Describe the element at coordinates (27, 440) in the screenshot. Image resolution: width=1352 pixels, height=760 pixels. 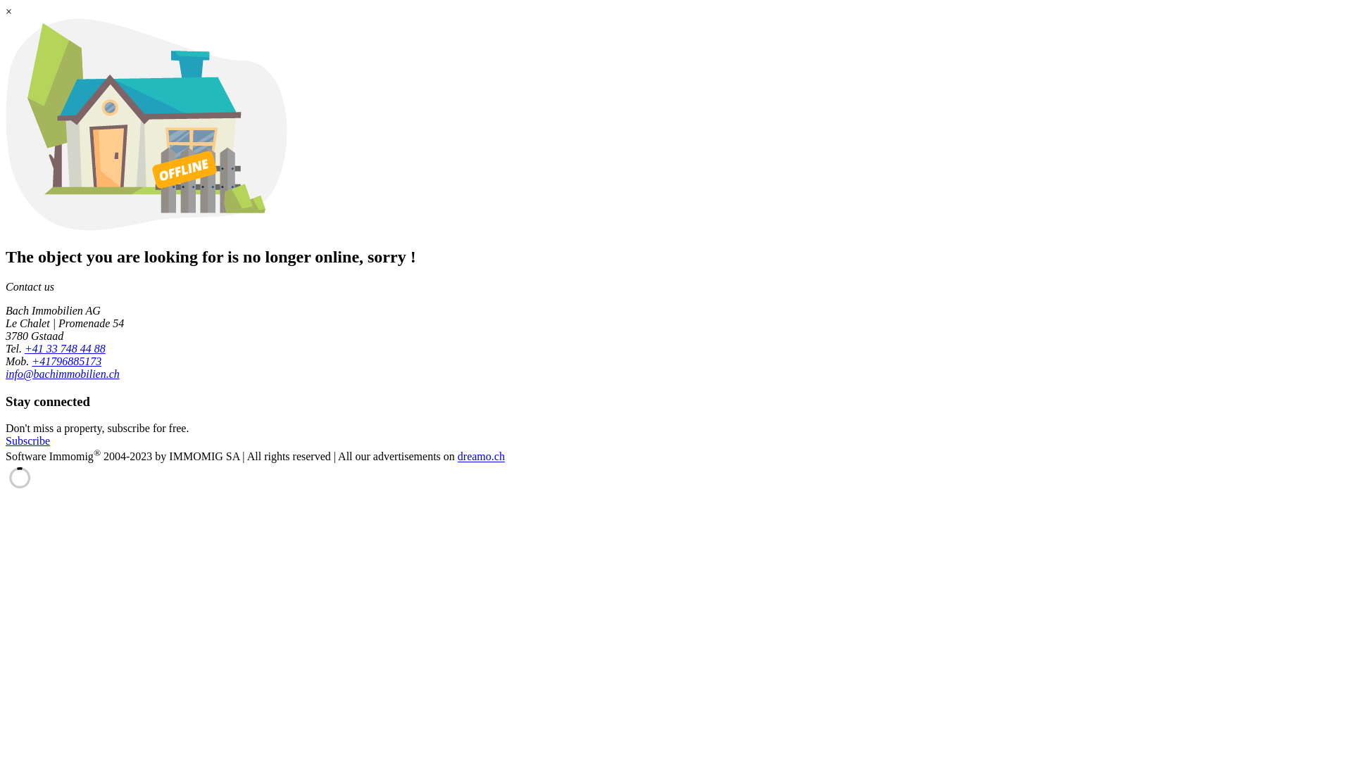
I see `'Subscribe'` at that location.